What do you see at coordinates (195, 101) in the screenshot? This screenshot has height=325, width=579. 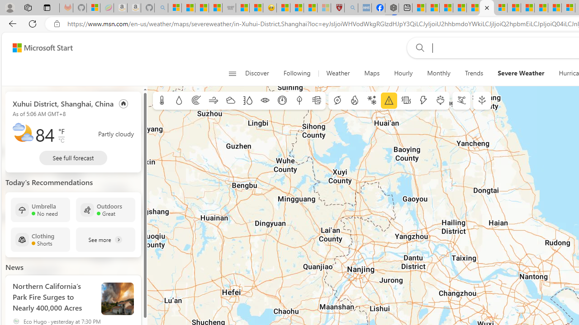 I see `'Radar'` at bounding box center [195, 101].